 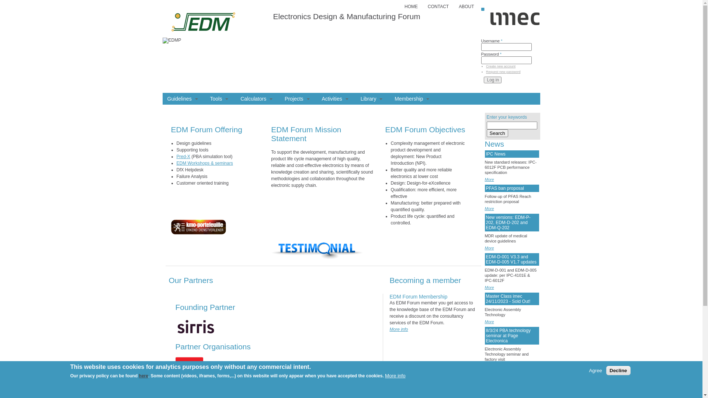 I want to click on 'More info', so click(x=398, y=329).